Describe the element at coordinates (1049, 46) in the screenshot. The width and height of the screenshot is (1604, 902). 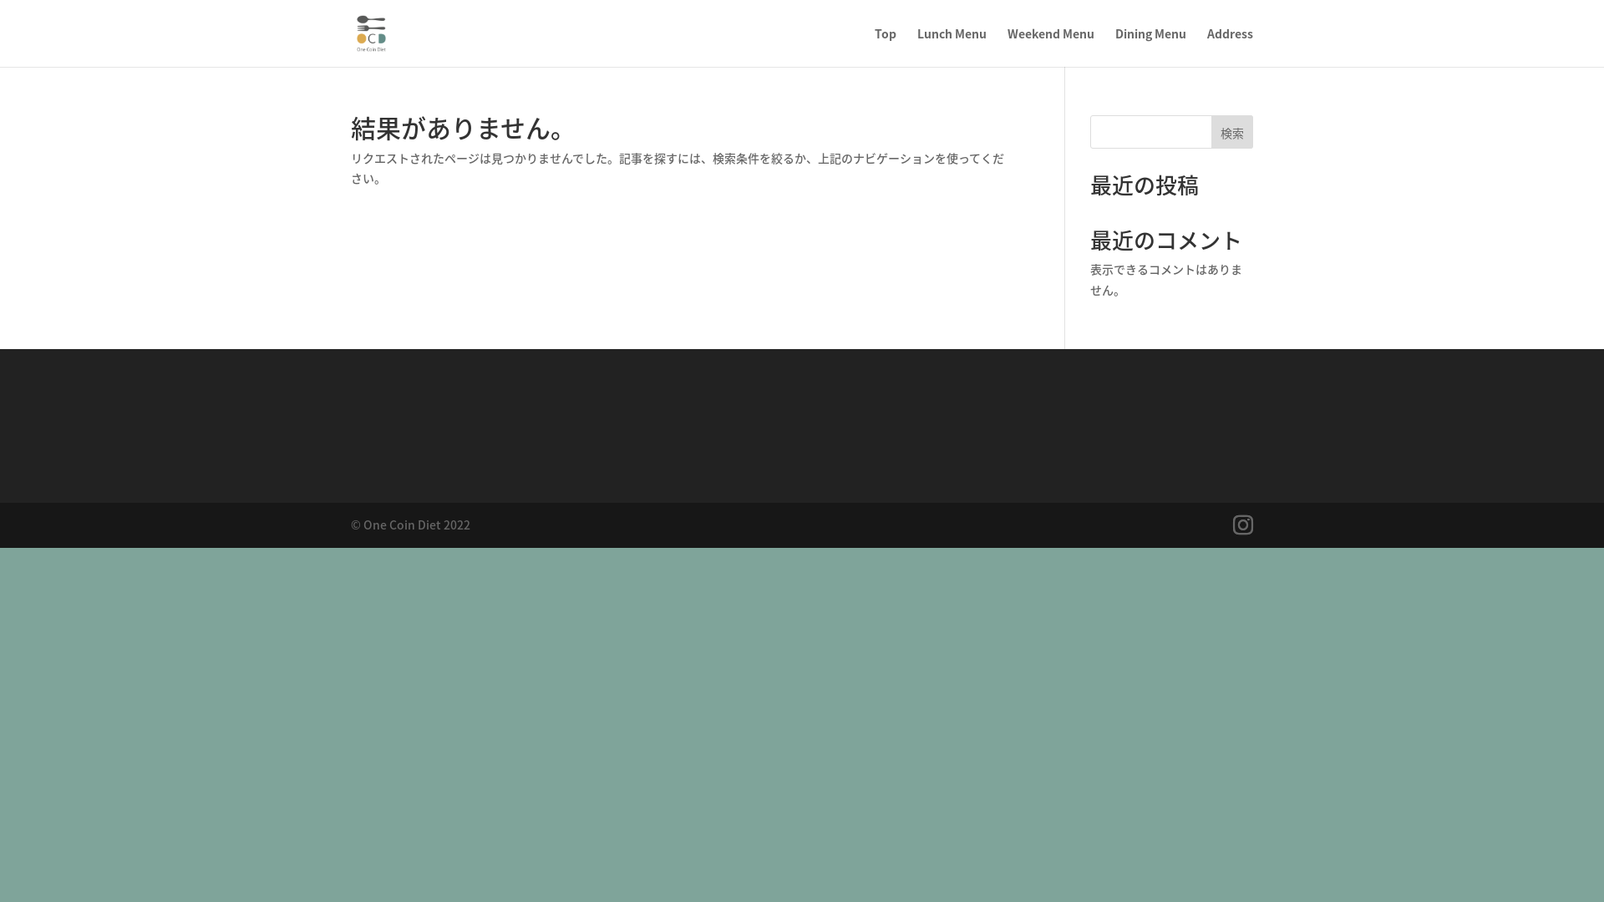
I see `'Weekend Menu'` at that location.